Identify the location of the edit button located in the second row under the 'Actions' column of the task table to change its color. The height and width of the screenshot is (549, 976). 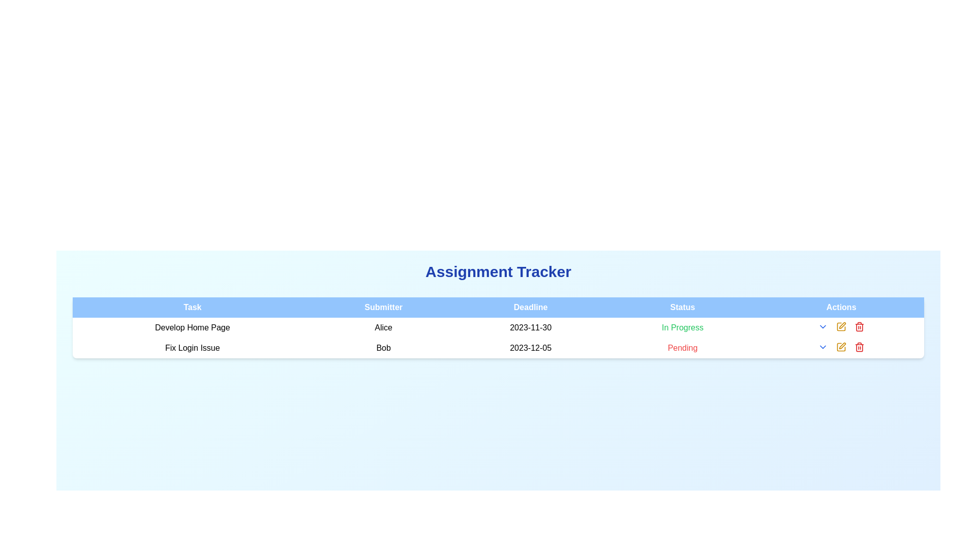
(841, 346).